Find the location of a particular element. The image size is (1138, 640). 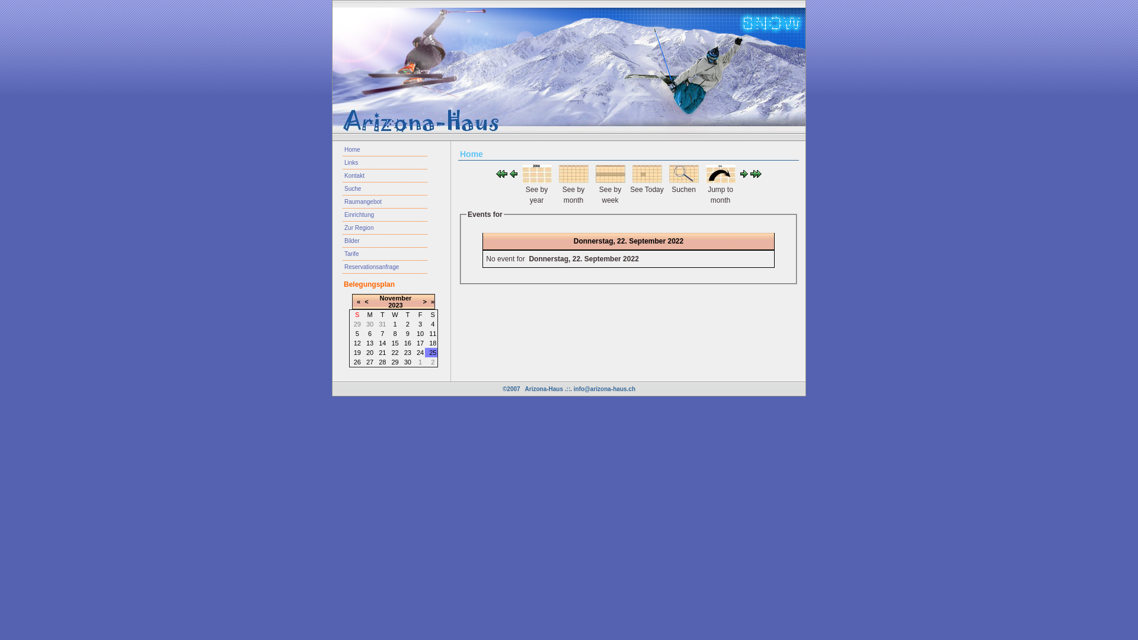

'21' is located at coordinates (382, 351).